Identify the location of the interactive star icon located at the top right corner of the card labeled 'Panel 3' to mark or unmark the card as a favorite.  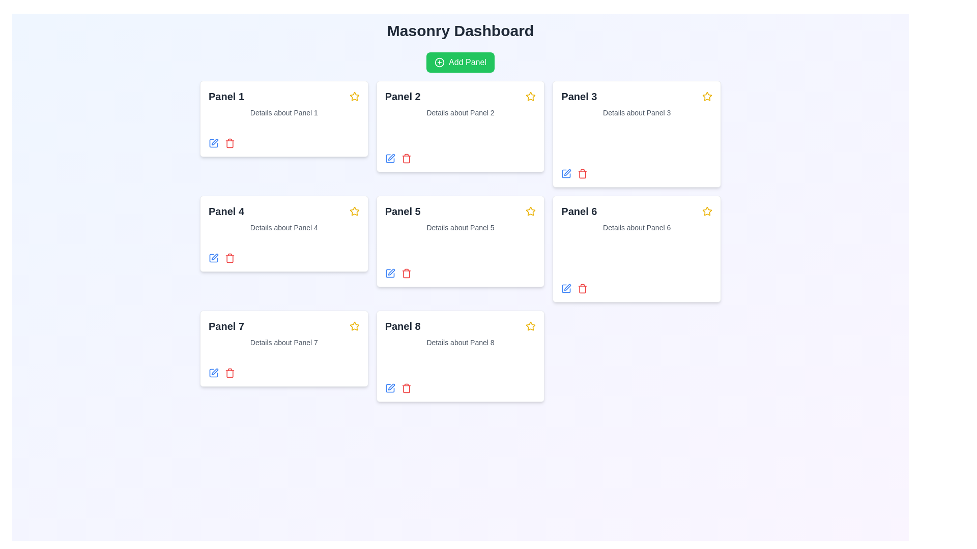
(706, 96).